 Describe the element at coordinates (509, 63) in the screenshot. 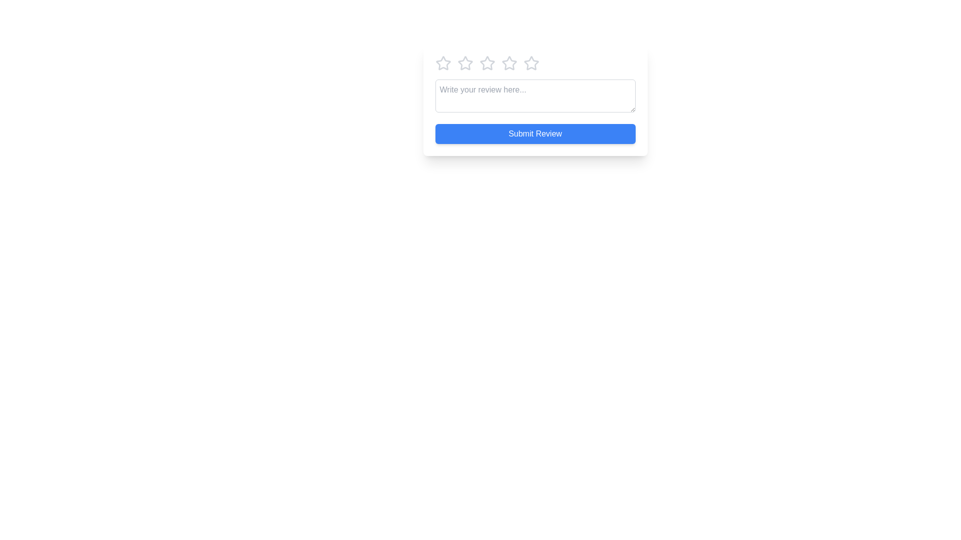

I see `the fifth rating star icon located on the top-right side of the panel above the text input field and the blue 'Submit Review' button to provide feedback` at that location.